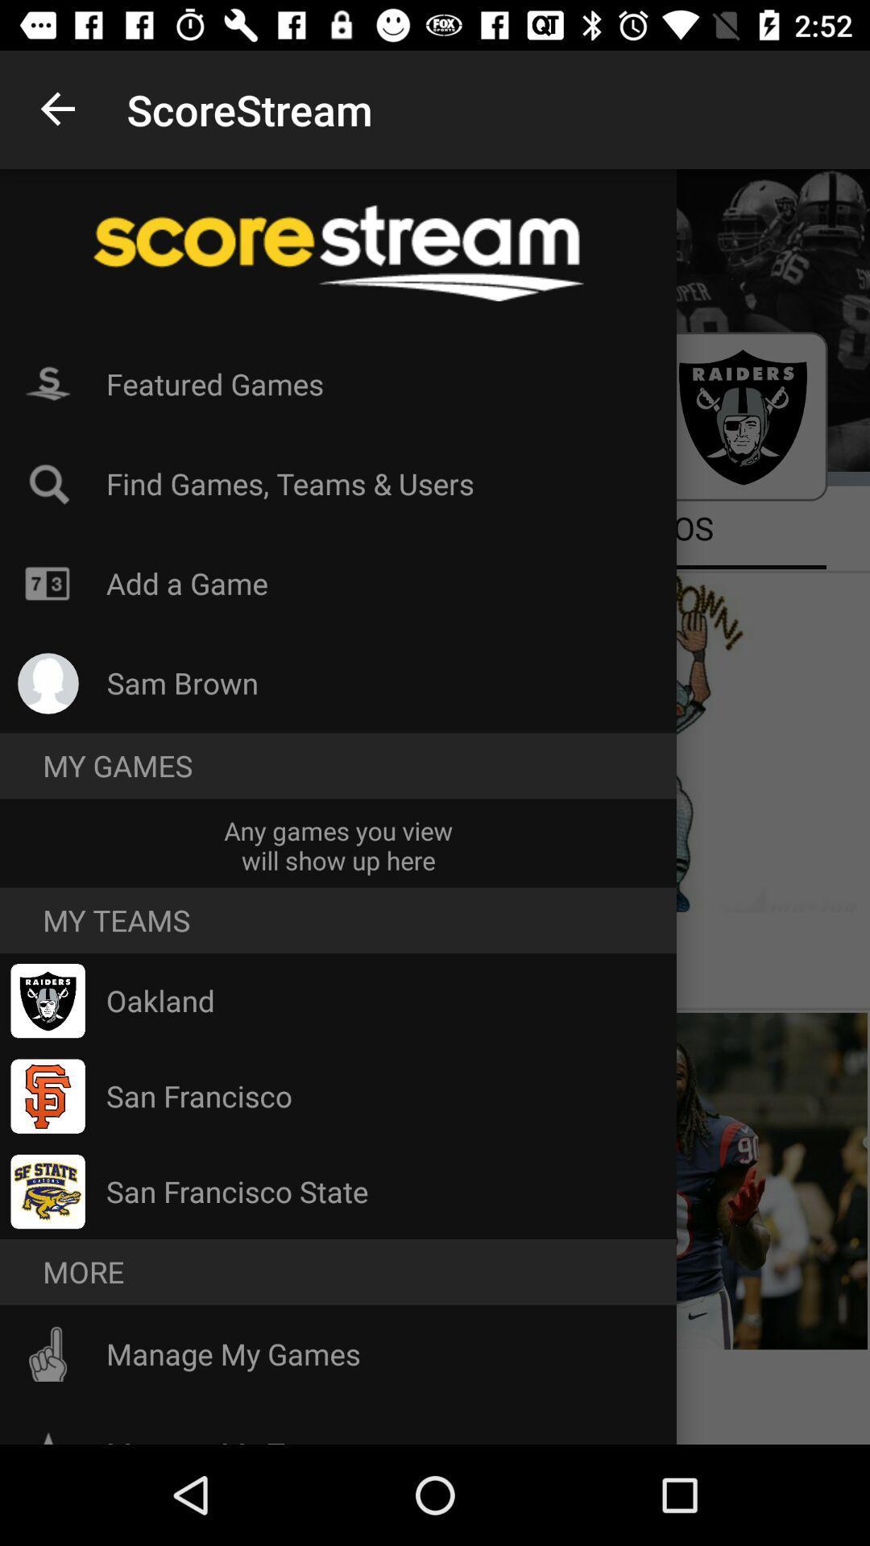 The height and width of the screenshot is (1546, 870). I want to click on icon on the left side of featured games, so click(48, 383).